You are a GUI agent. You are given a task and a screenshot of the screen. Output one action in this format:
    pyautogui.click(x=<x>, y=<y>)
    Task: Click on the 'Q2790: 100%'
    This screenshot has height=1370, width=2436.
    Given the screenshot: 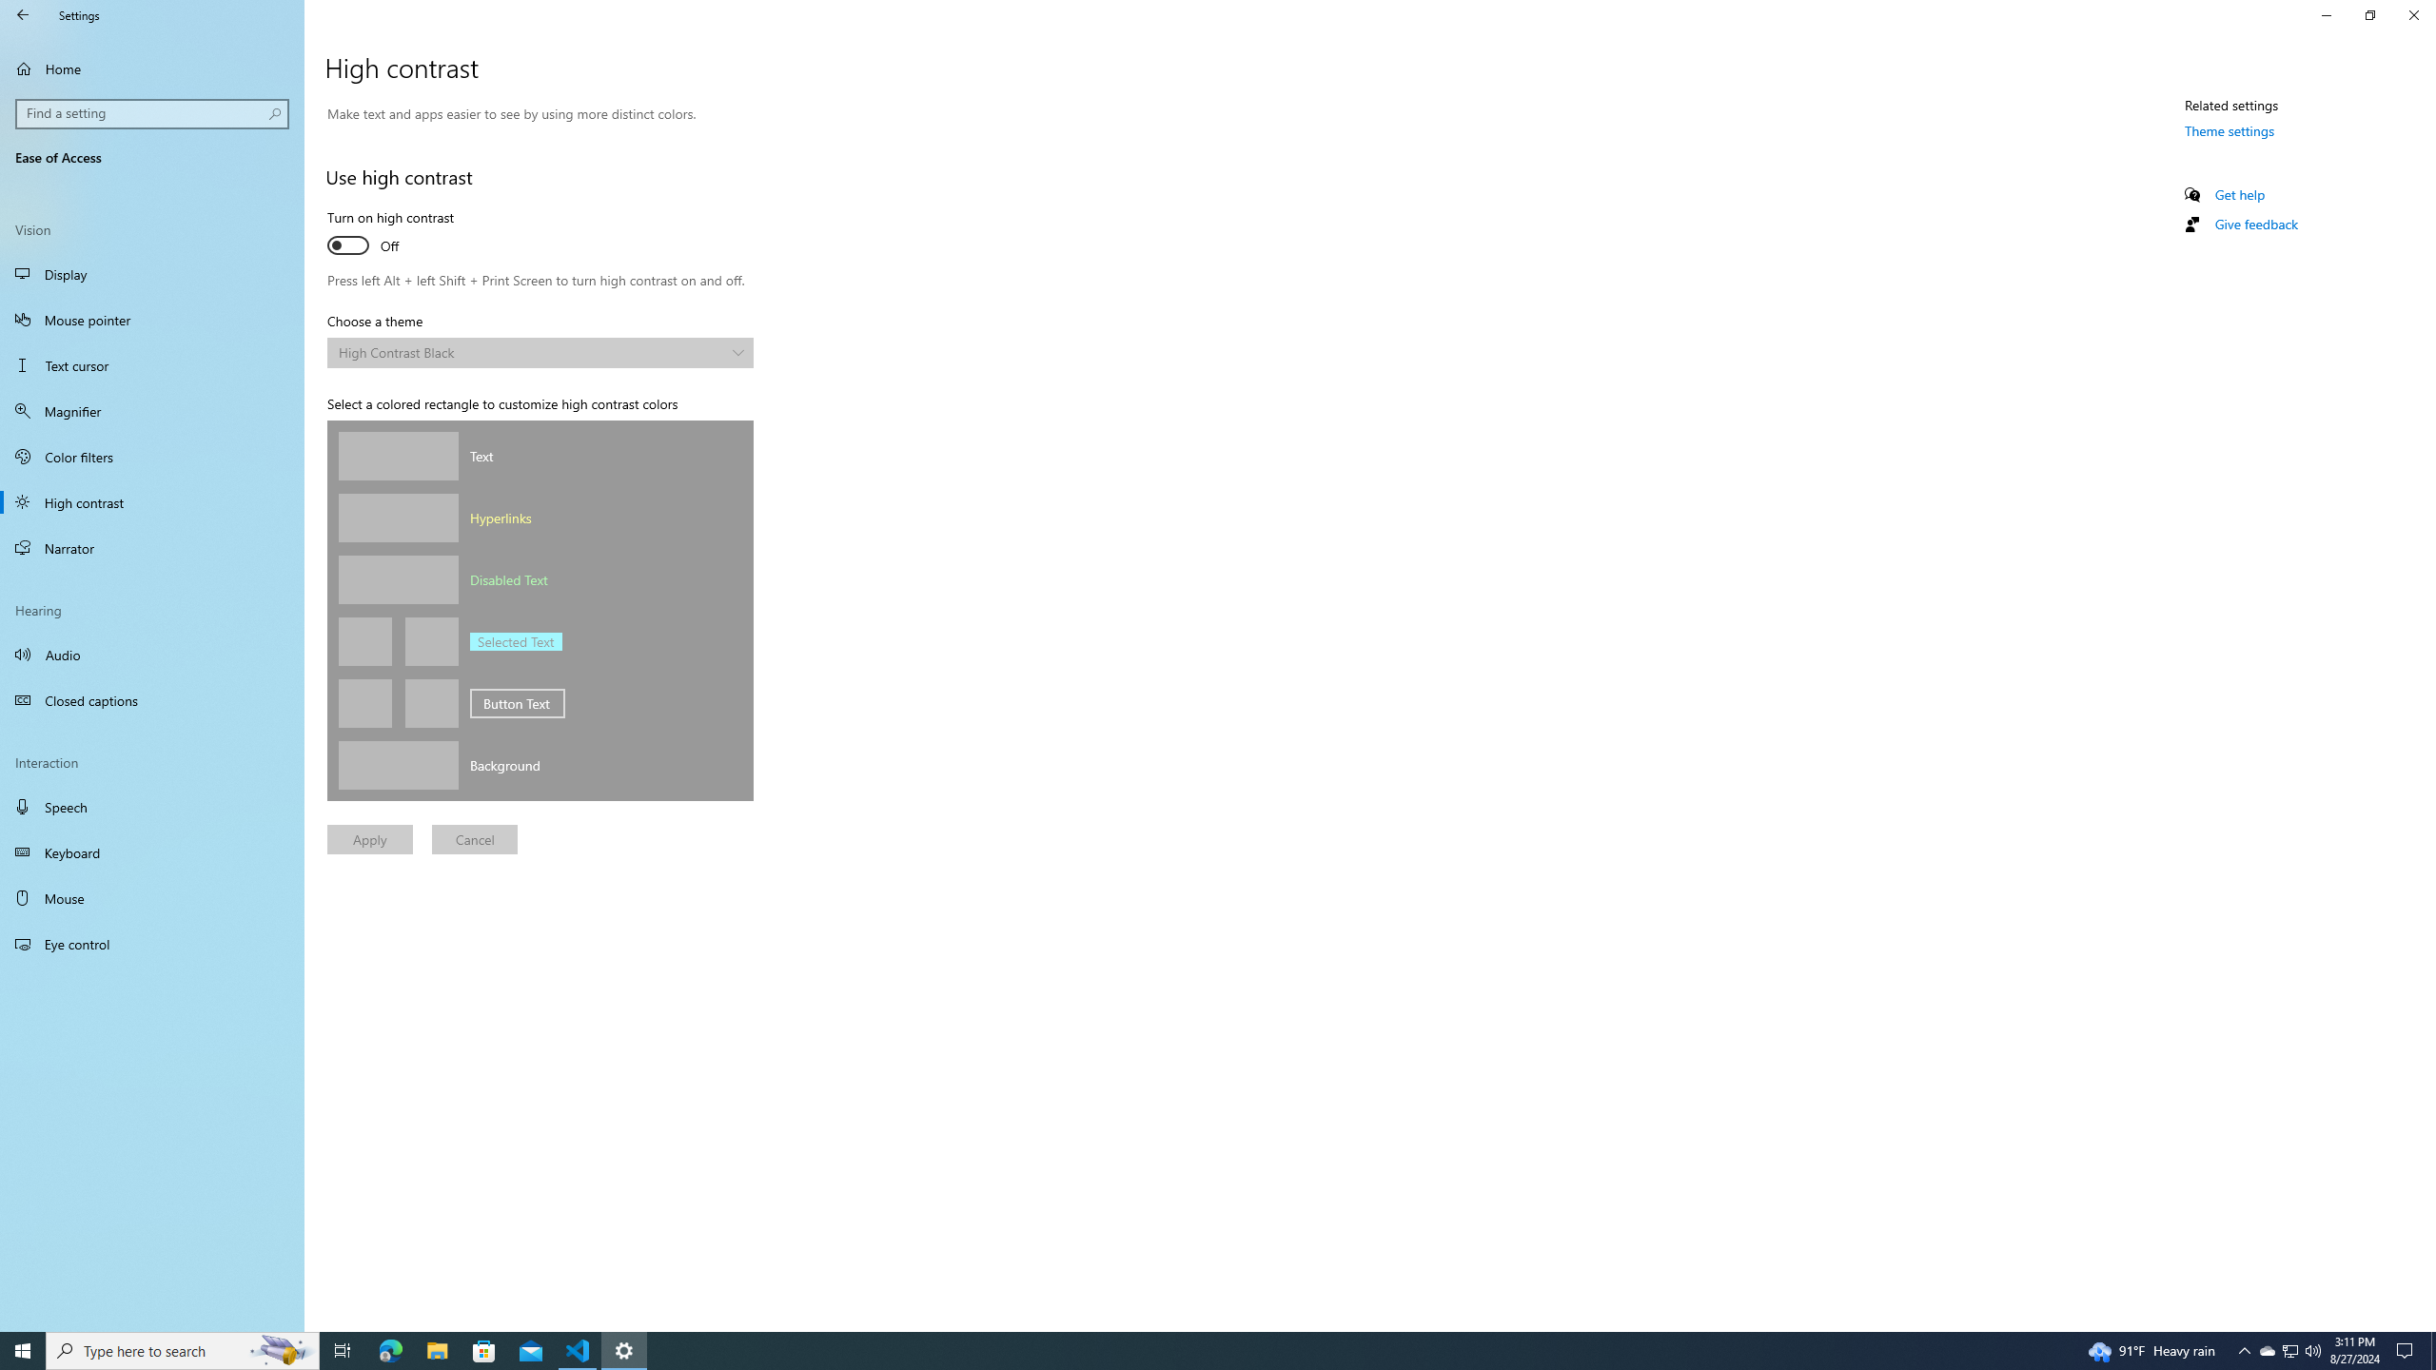 What is the action you would take?
    pyautogui.click(x=2311, y=1349)
    